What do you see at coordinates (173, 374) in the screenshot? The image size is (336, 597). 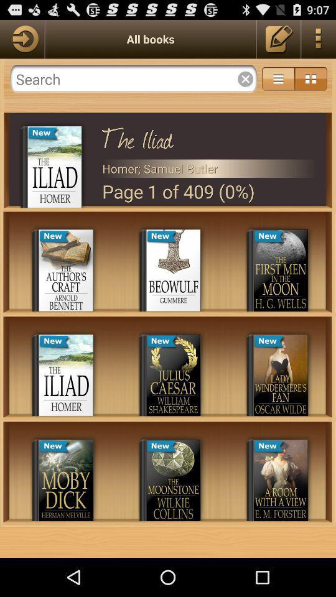 I see `the middle book in the second row` at bounding box center [173, 374].